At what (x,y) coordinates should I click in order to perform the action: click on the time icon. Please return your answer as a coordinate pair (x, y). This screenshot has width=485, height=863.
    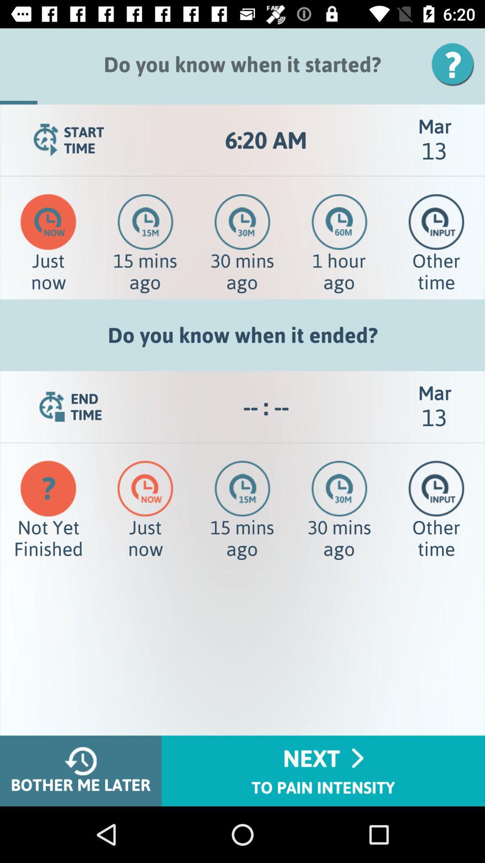
    Looking at the image, I should click on (242, 488).